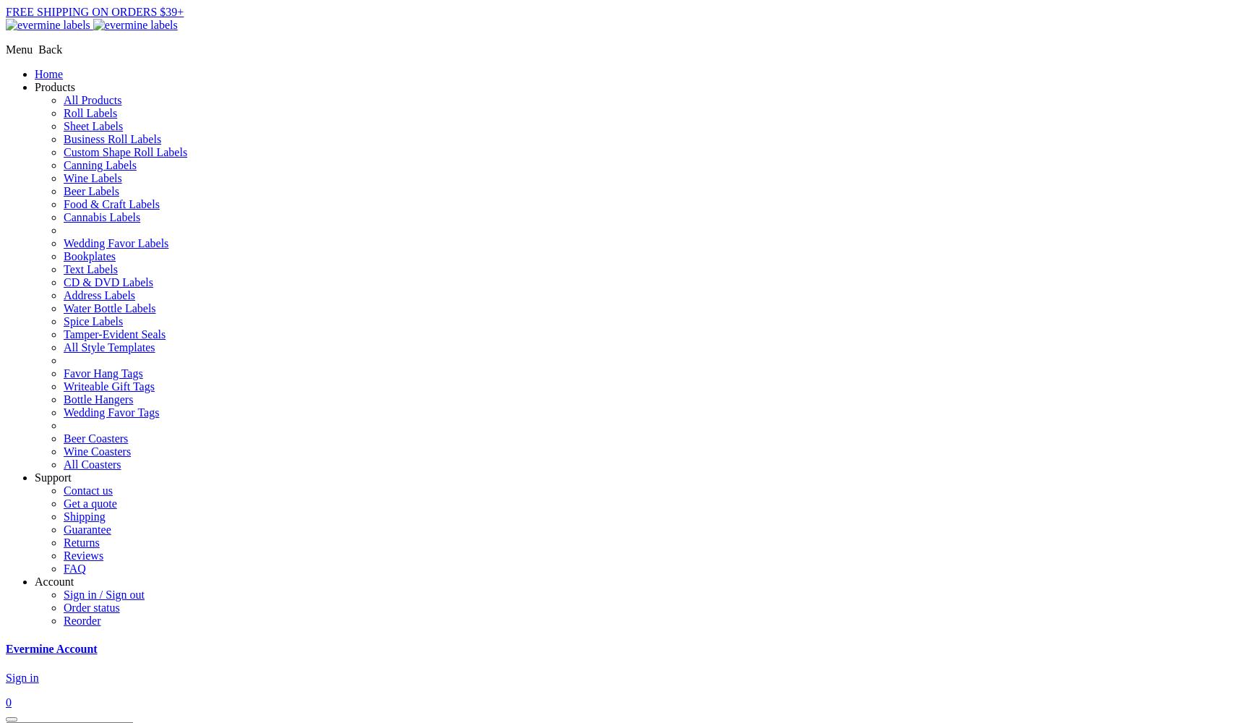  Describe the element at coordinates (99, 164) in the screenshot. I see `'Canning Labels'` at that location.